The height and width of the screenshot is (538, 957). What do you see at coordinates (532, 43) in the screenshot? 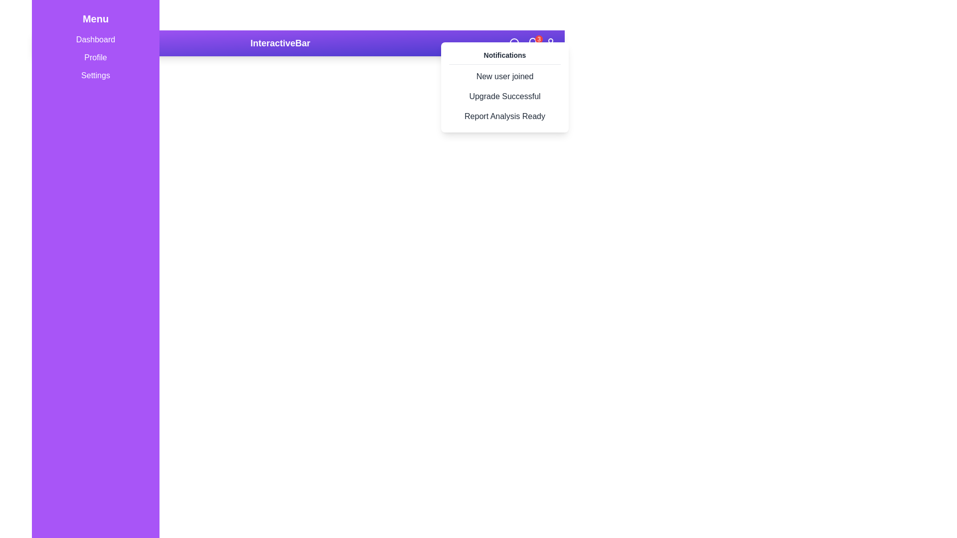
I see `the interactive bell icon with a red badge indicating 3 notifications` at bounding box center [532, 43].